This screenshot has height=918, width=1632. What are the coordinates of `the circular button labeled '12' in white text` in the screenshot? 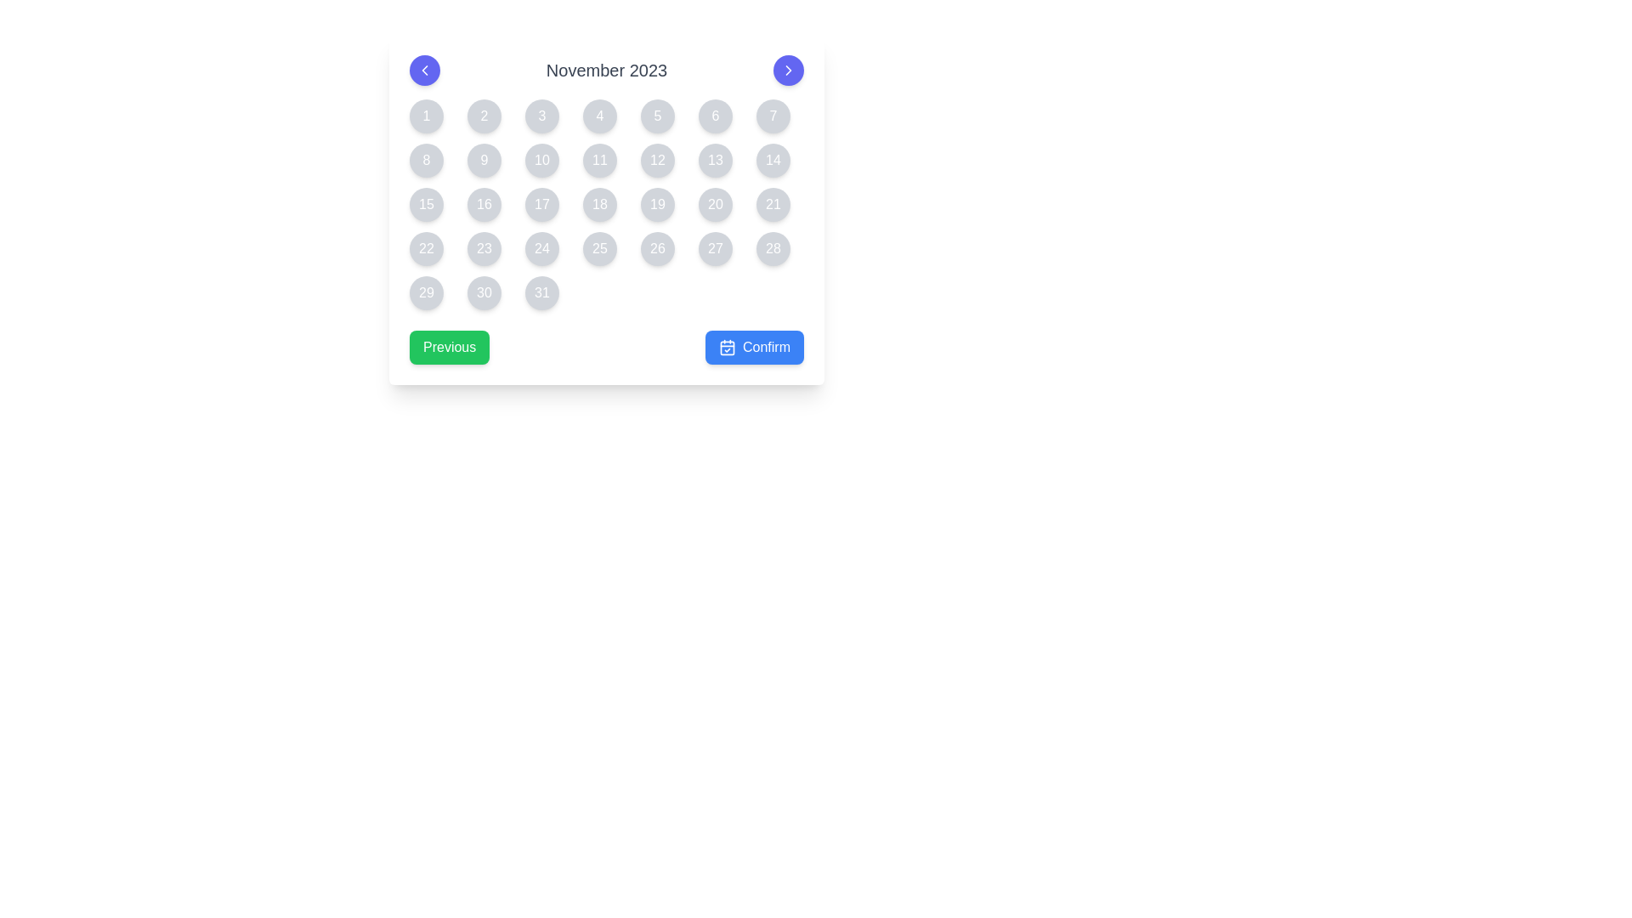 It's located at (656, 161).